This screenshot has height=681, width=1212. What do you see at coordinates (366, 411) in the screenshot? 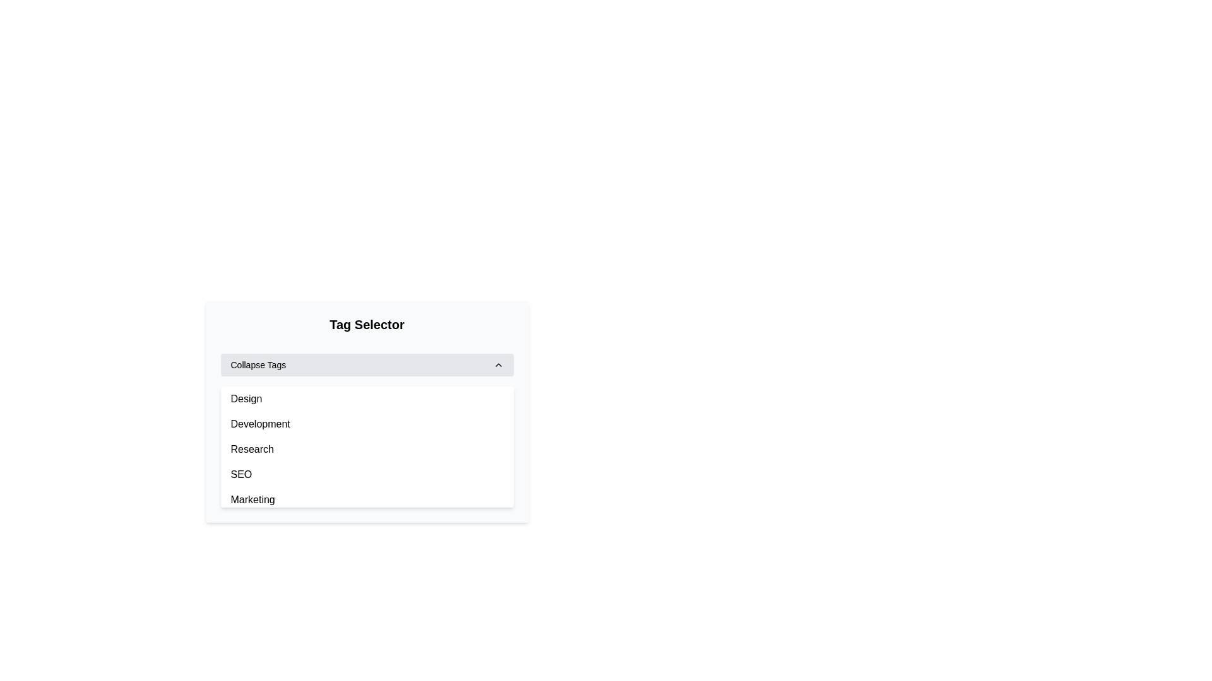
I see `a tag within the scrollable list` at bounding box center [366, 411].